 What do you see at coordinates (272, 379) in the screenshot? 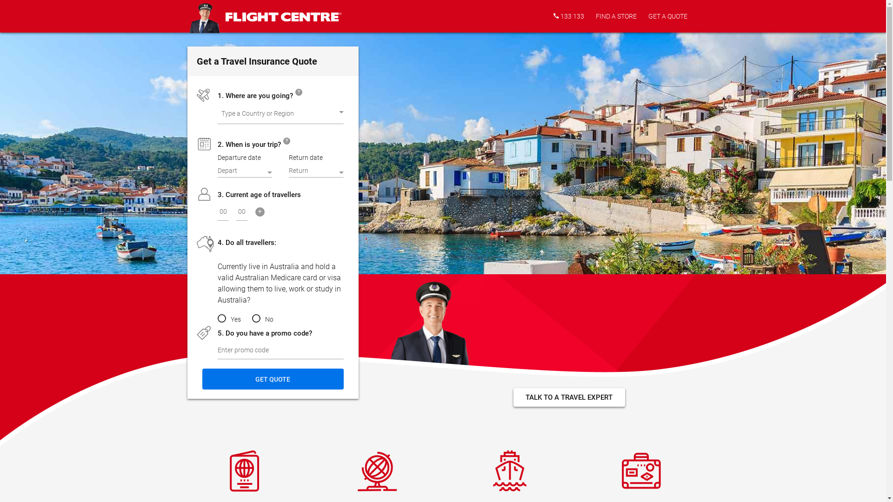
I see `'Get Quote'` at bounding box center [272, 379].